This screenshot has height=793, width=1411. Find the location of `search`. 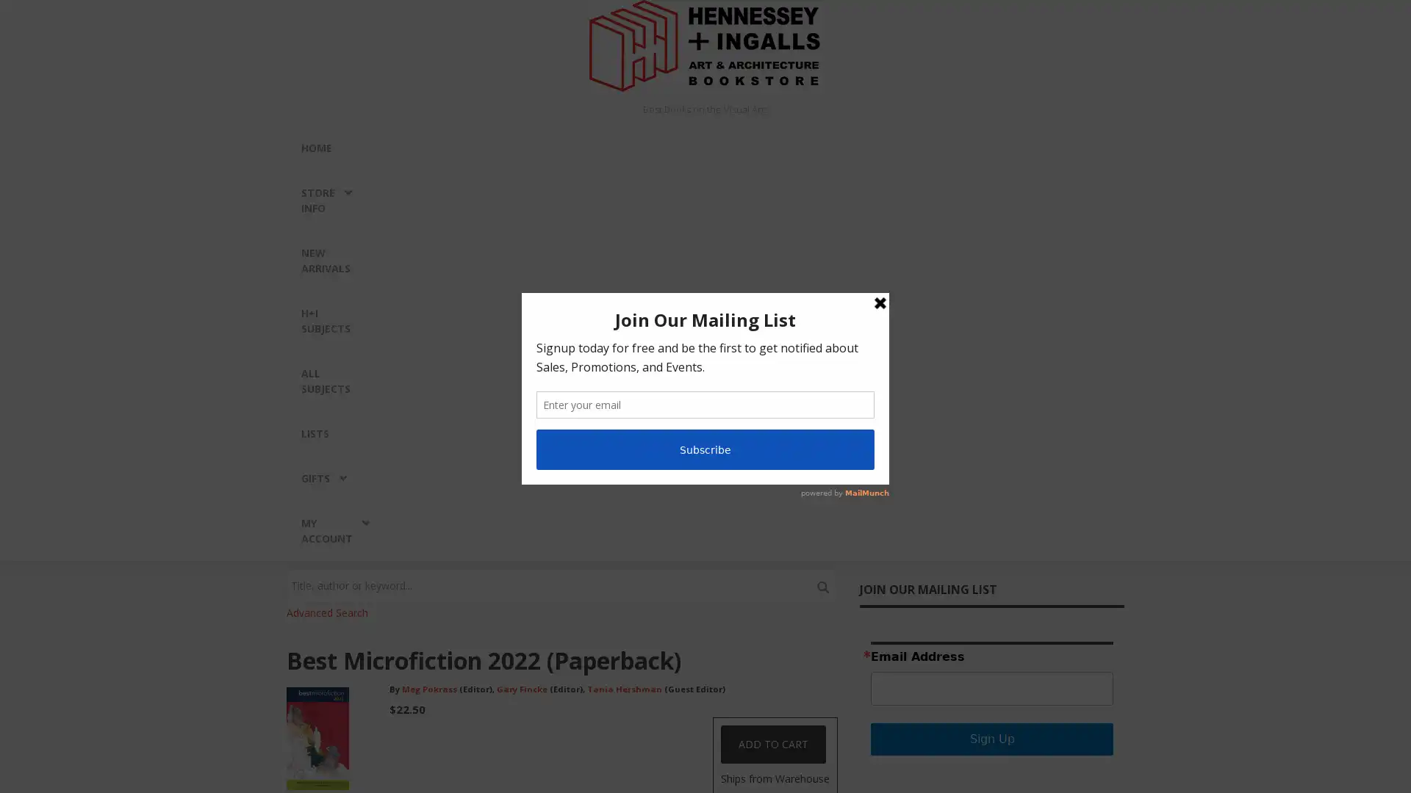

search is located at coordinates (822, 585).